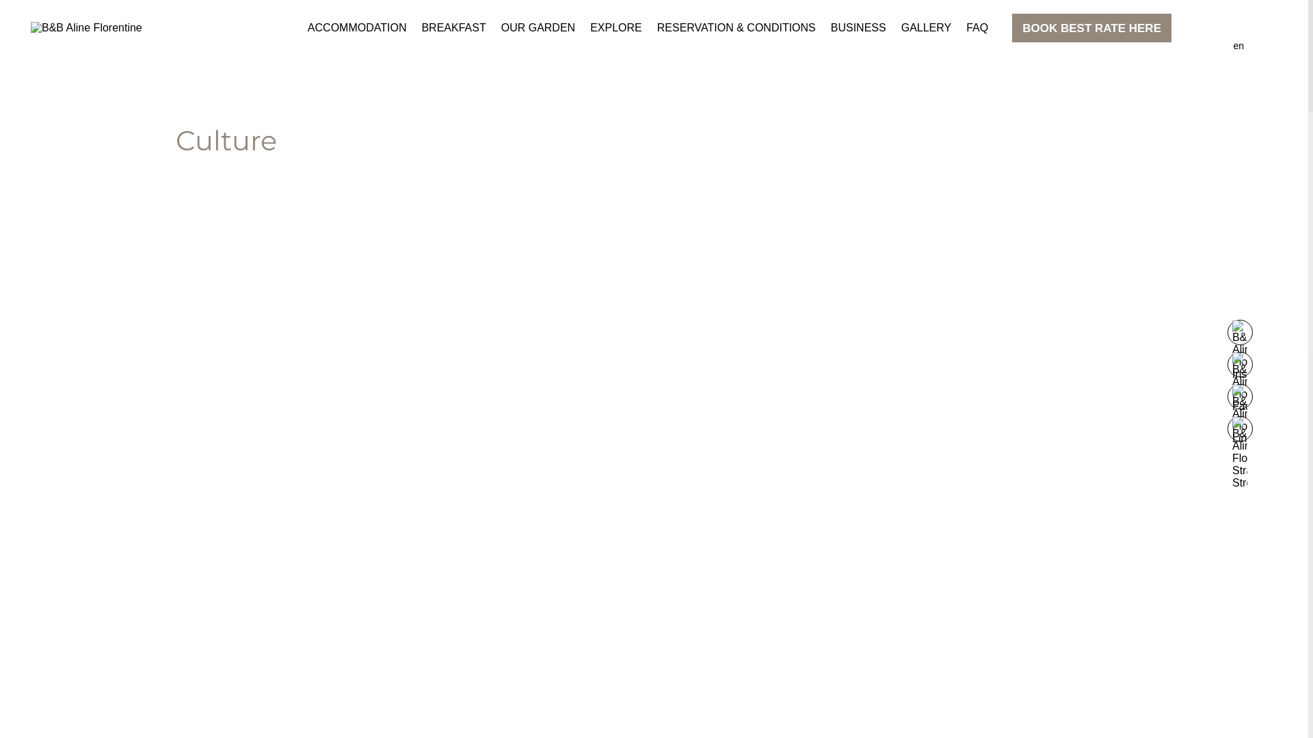 The height and width of the screenshot is (738, 1313). I want to click on 'BREAKFAST', so click(453, 28).